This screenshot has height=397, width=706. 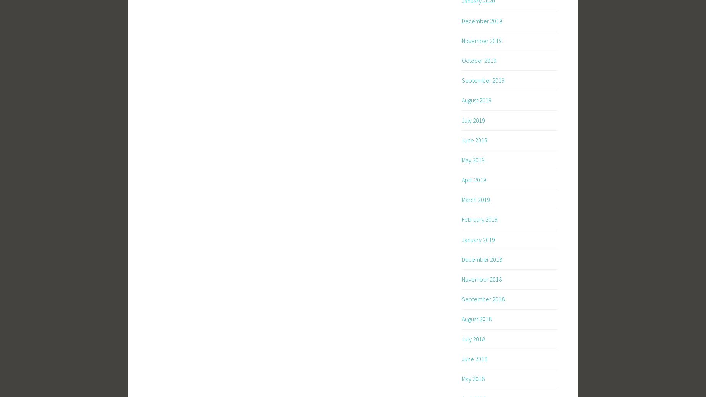 What do you see at coordinates (478, 239) in the screenshot?
I see `'January 2019'` at bounding box center [478, 239].